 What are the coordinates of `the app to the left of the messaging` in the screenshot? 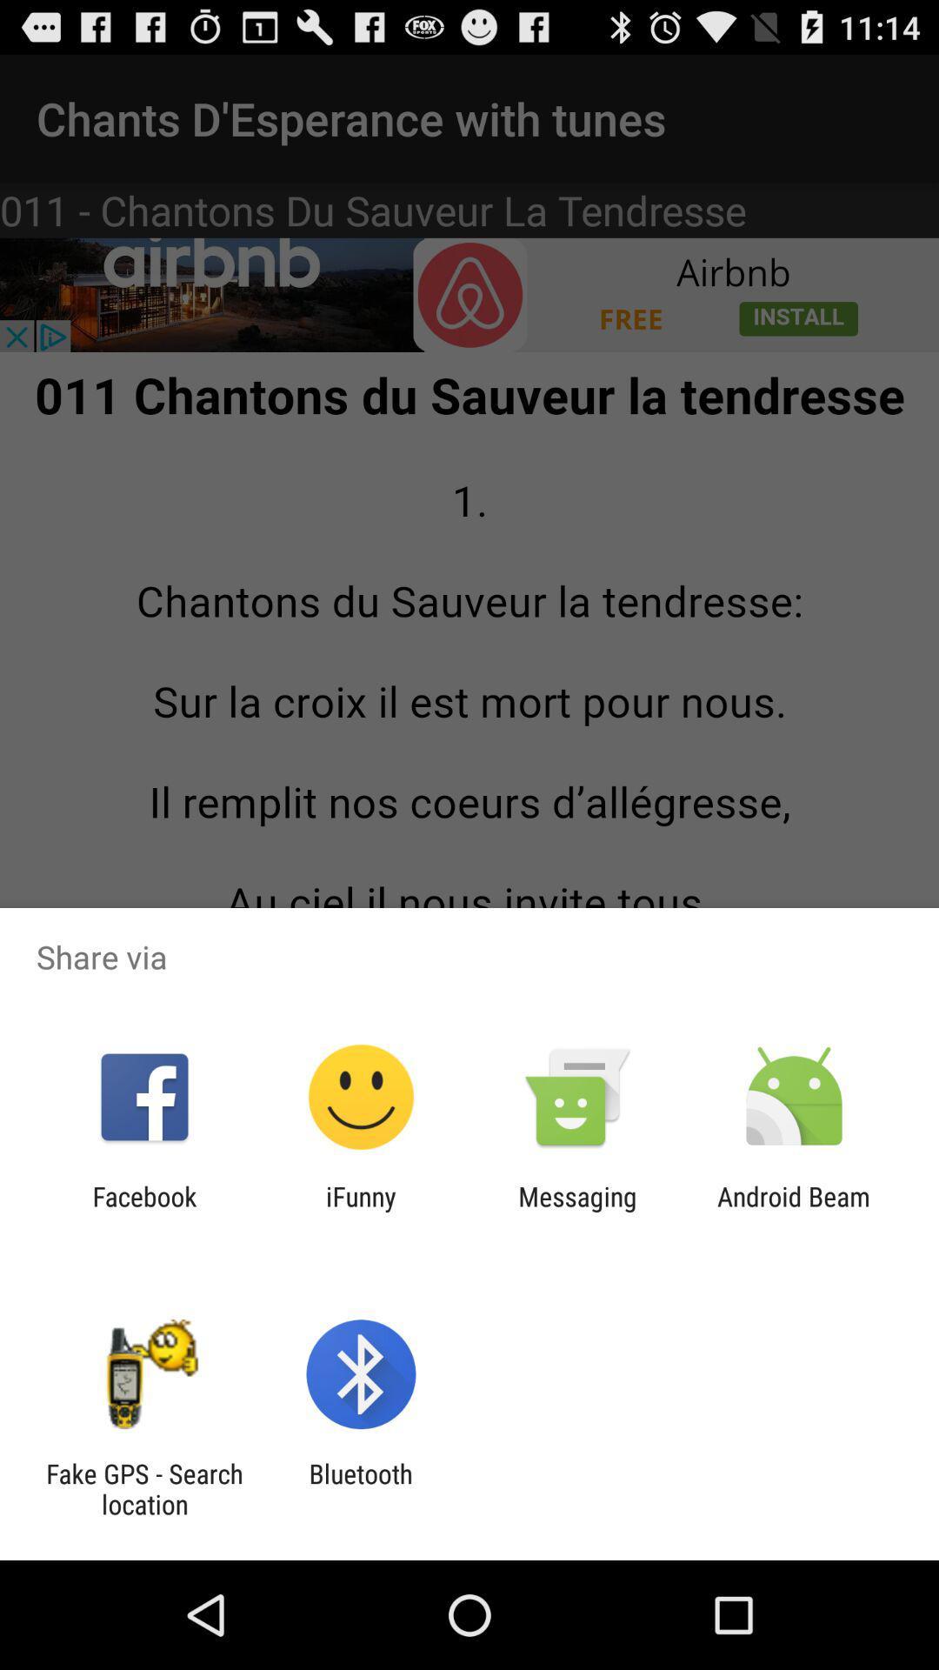 It's located at (360, 1211).